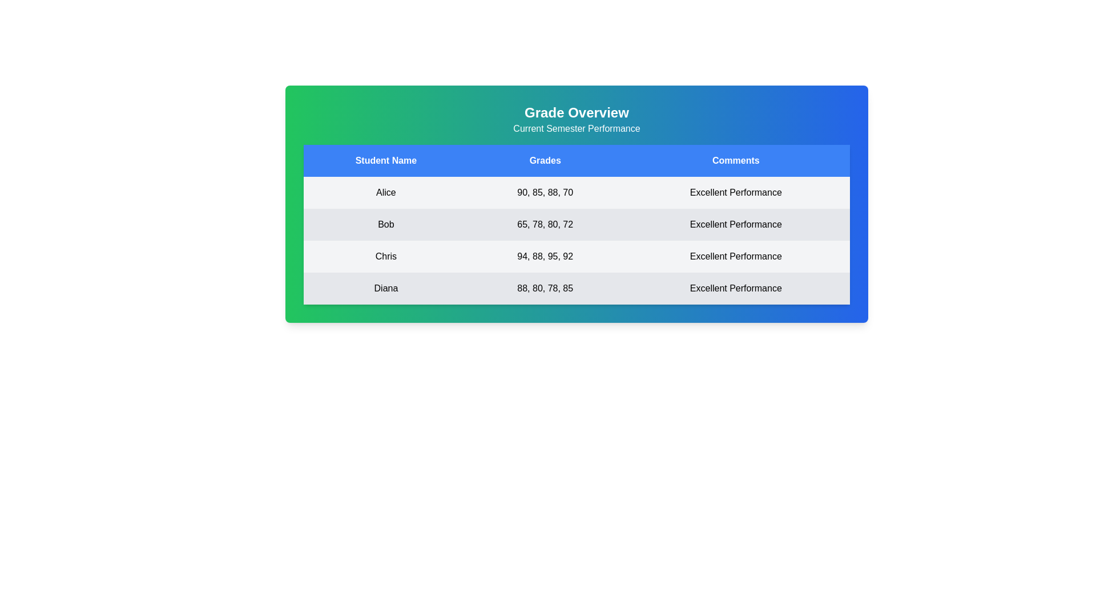  Describe the element at coordinates (577, 160) in the screenshot. I see `the table header row to inspect the column titles` at that location.